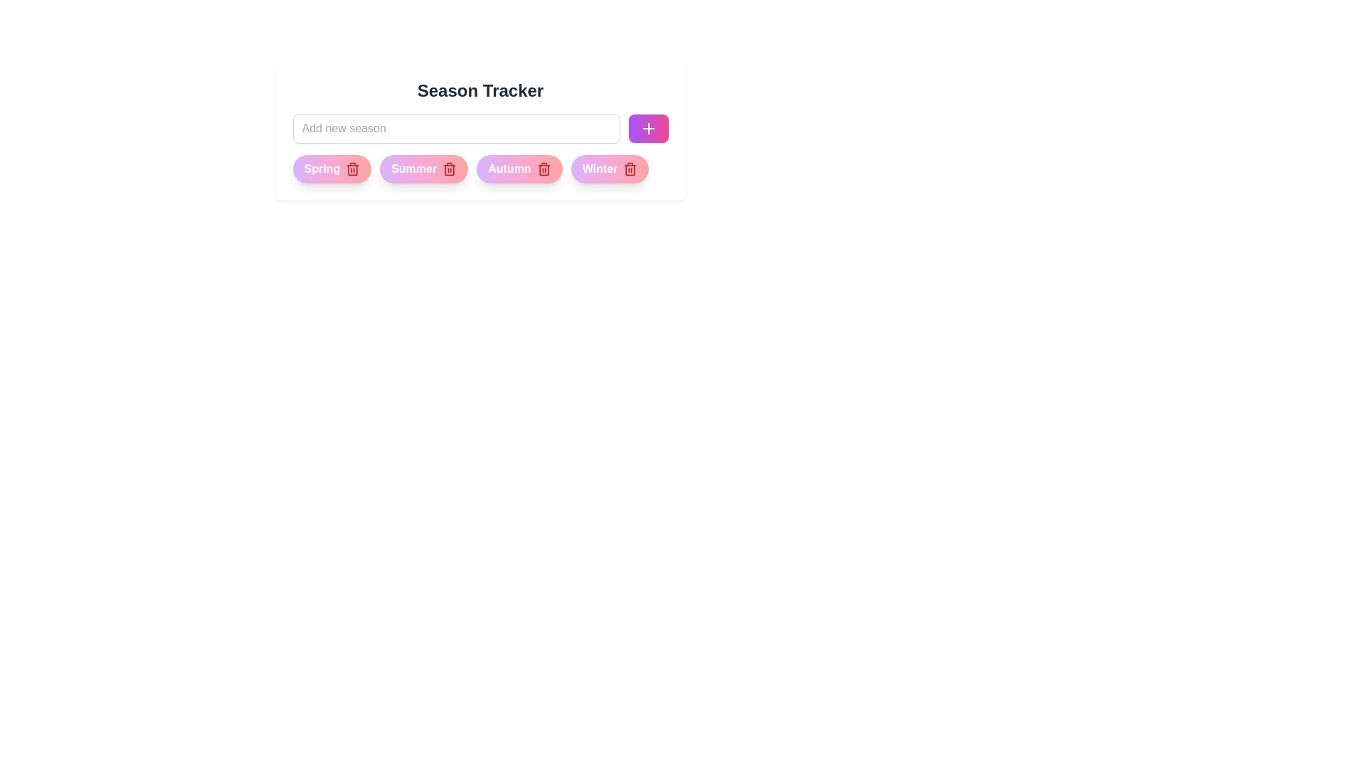  I want to click on the text in the input field to 13, so click(456, 129).